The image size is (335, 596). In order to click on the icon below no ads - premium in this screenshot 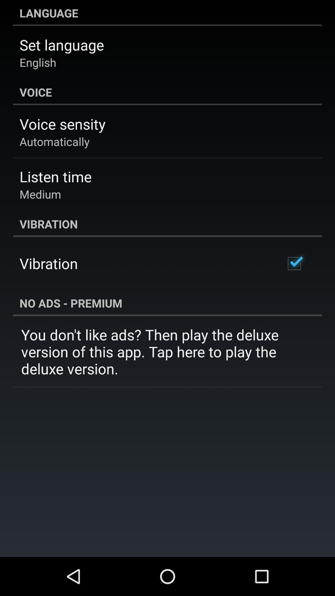, I will do `click(167, 351)`.